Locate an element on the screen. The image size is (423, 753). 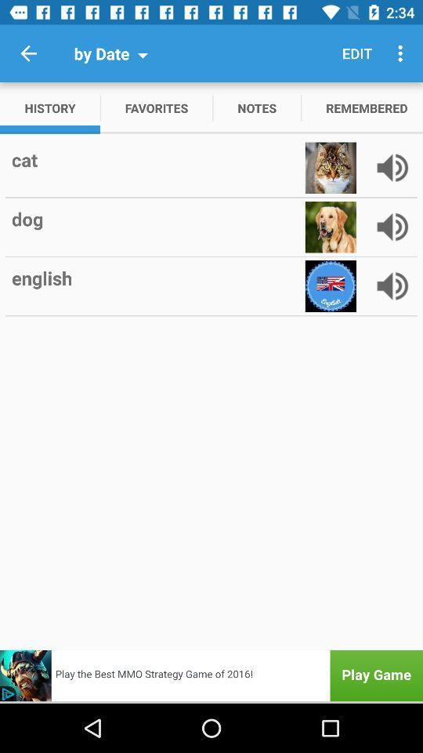
the item next to by date icon is located at coordinates (28, 53).